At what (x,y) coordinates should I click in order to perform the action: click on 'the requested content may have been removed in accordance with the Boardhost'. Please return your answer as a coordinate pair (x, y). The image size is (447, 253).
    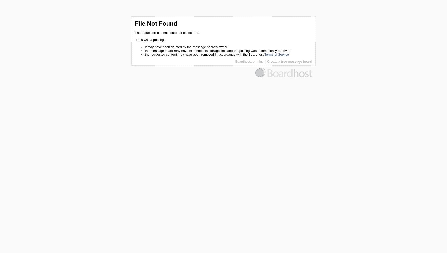
    Looking at the image, I should click on (204, 54).